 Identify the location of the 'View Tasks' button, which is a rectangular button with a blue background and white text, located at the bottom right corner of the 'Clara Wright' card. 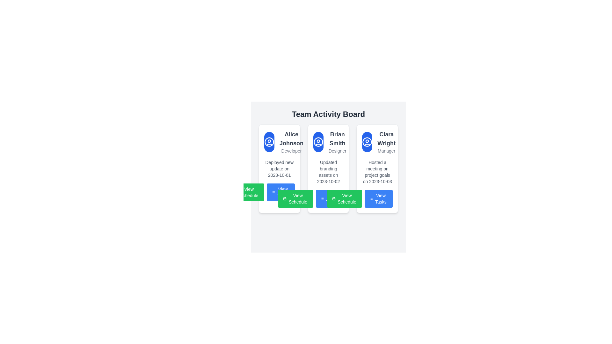
(377, 198).